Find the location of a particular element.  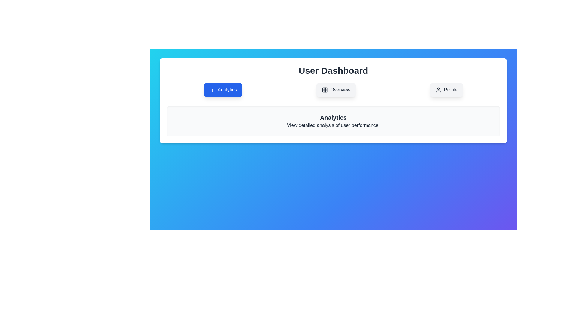

the Analytics button to switch to the respective tab is located at coordinates (223, 90).